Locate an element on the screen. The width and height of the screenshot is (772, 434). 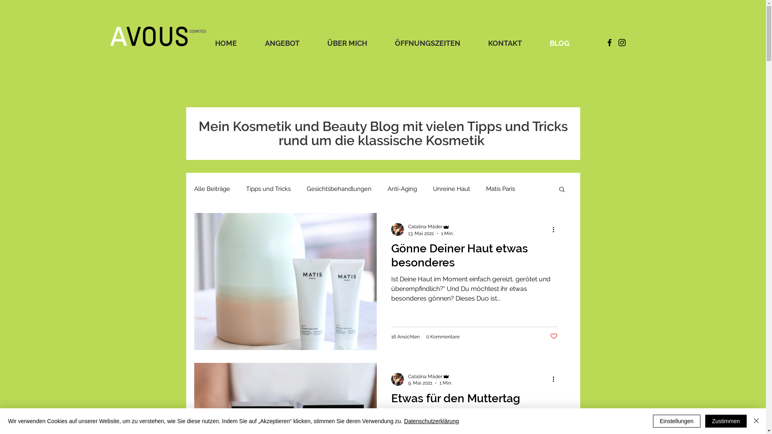
'Gesichtsbehandlungen' is located at coordinates (339, 189).